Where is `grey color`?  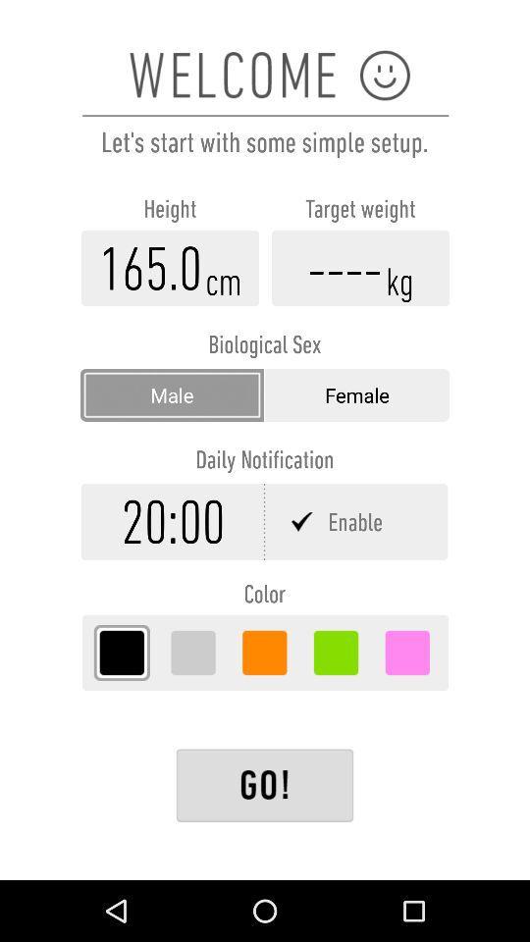 grey color is located at coordinates (193, 653).